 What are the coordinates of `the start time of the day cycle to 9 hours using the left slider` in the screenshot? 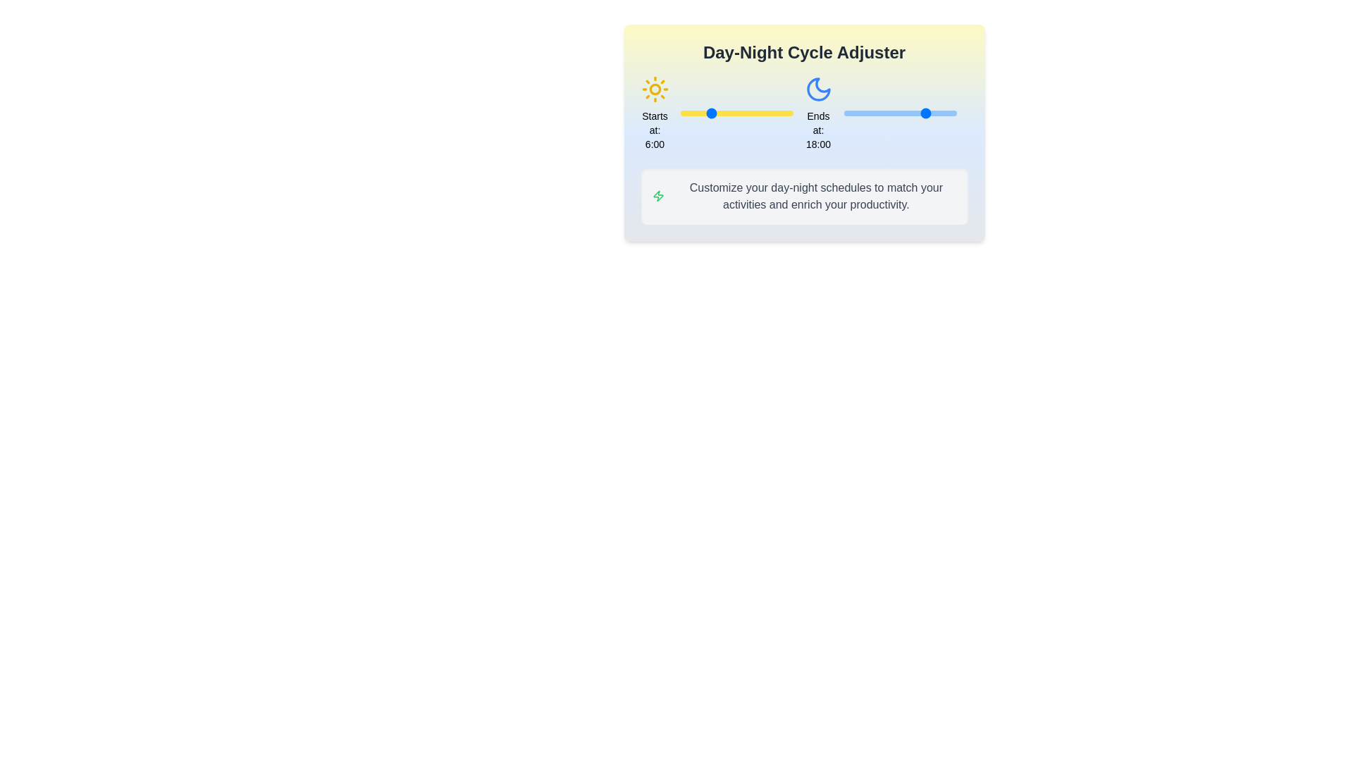 It's located at (722, 113).